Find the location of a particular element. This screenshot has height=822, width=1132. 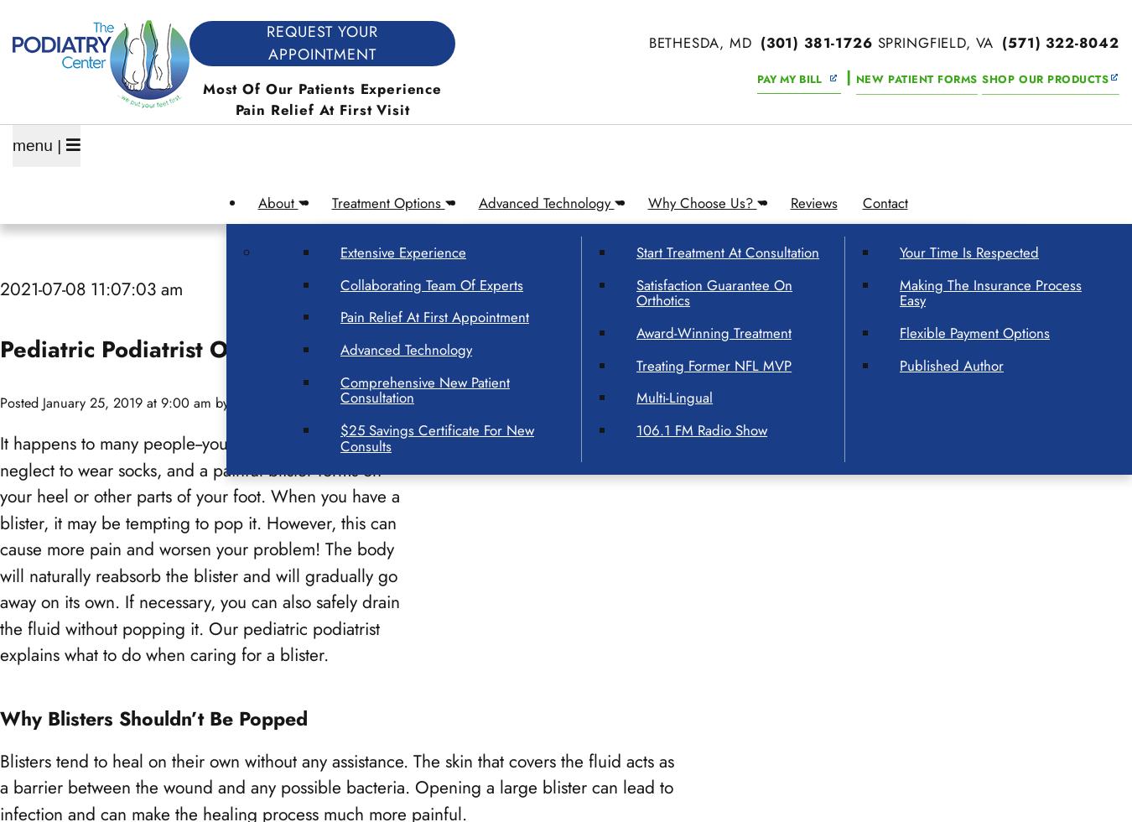

'Alexandria, VA' is located at coordinates (283, 580).